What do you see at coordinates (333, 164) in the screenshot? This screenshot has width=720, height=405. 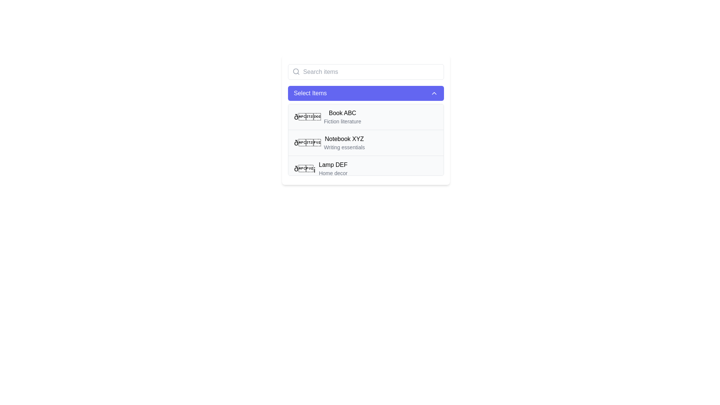 I see `the textual label in the dropdown menu that describes the associated item, located above 'Home decor' and below 'Notebook XYZ'` at bounding box center [333, 164].